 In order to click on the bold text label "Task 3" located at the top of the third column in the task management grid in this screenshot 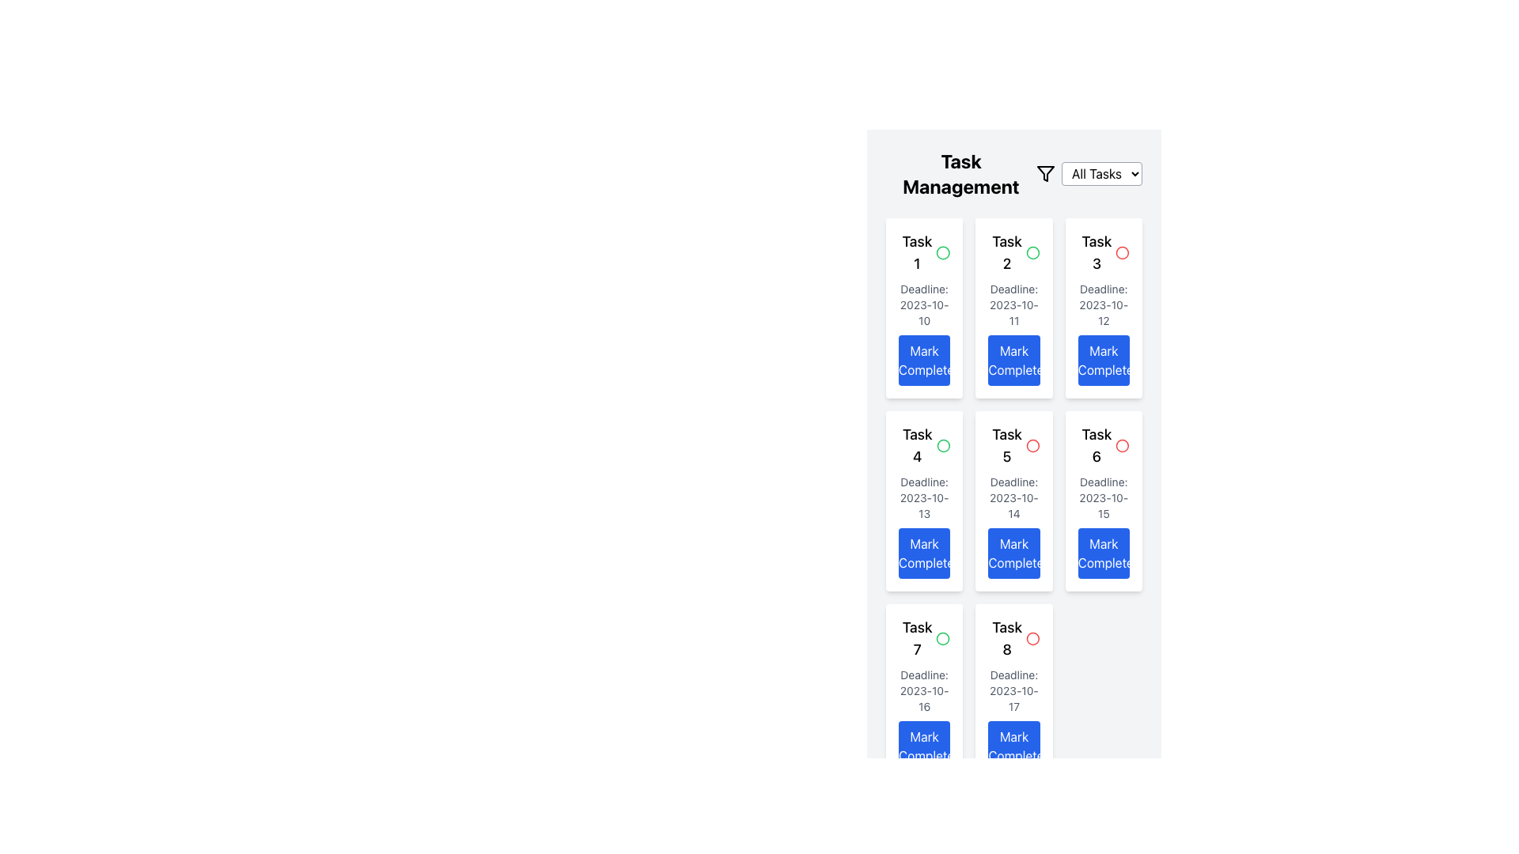, I will do `click(1096, 252)`.